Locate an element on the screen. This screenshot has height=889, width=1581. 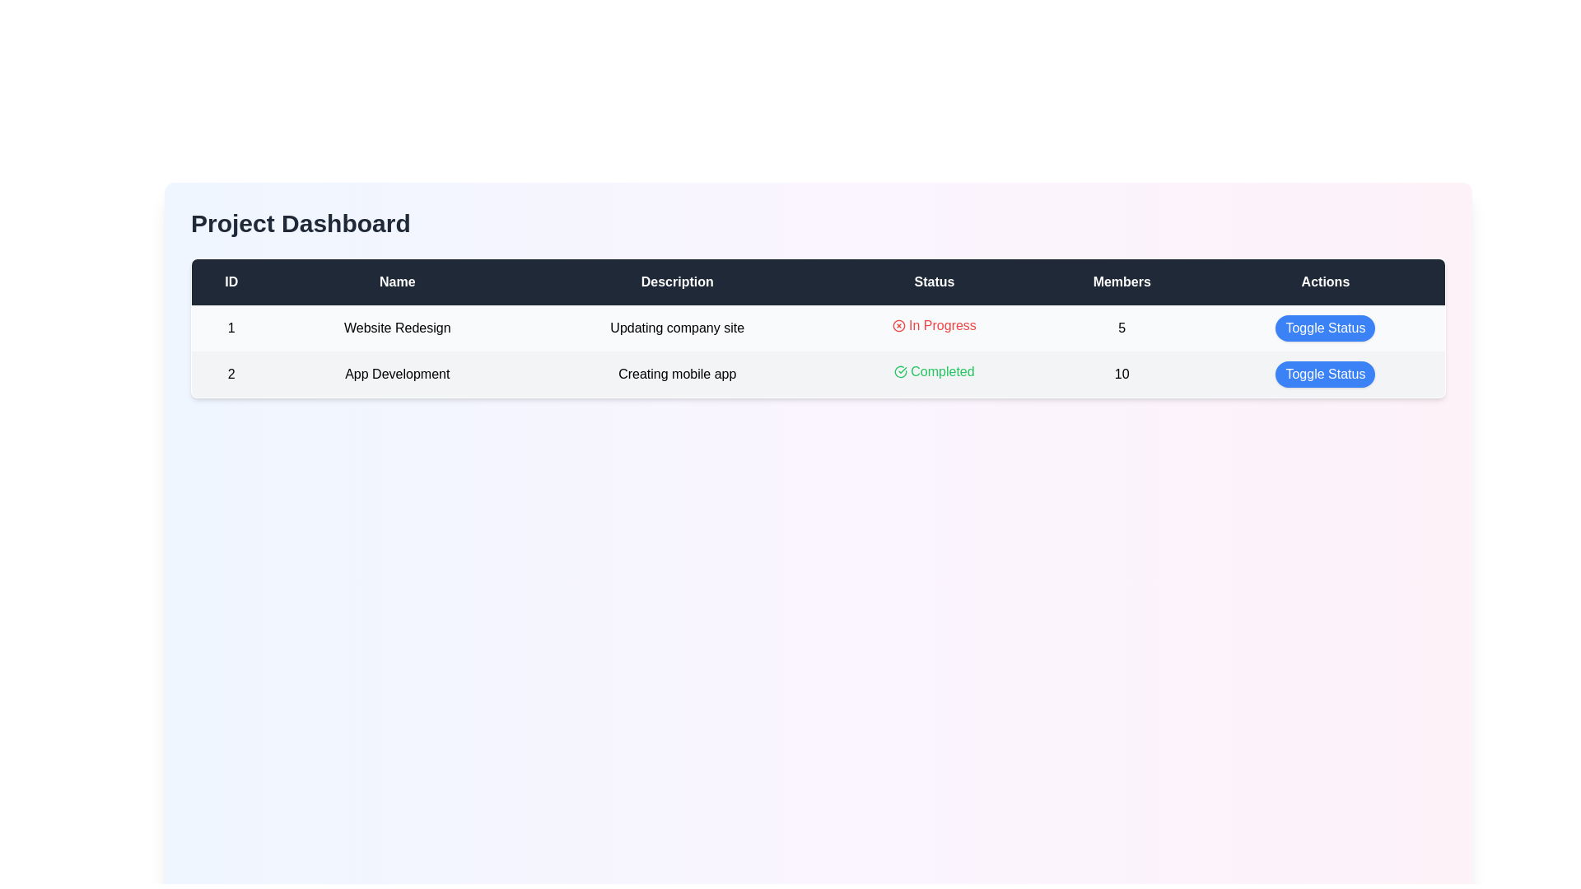
the 'Name' column header text label in the table, which is the second header located between the 'ID' and 'Description' headers is located at coordinates (397, 281).